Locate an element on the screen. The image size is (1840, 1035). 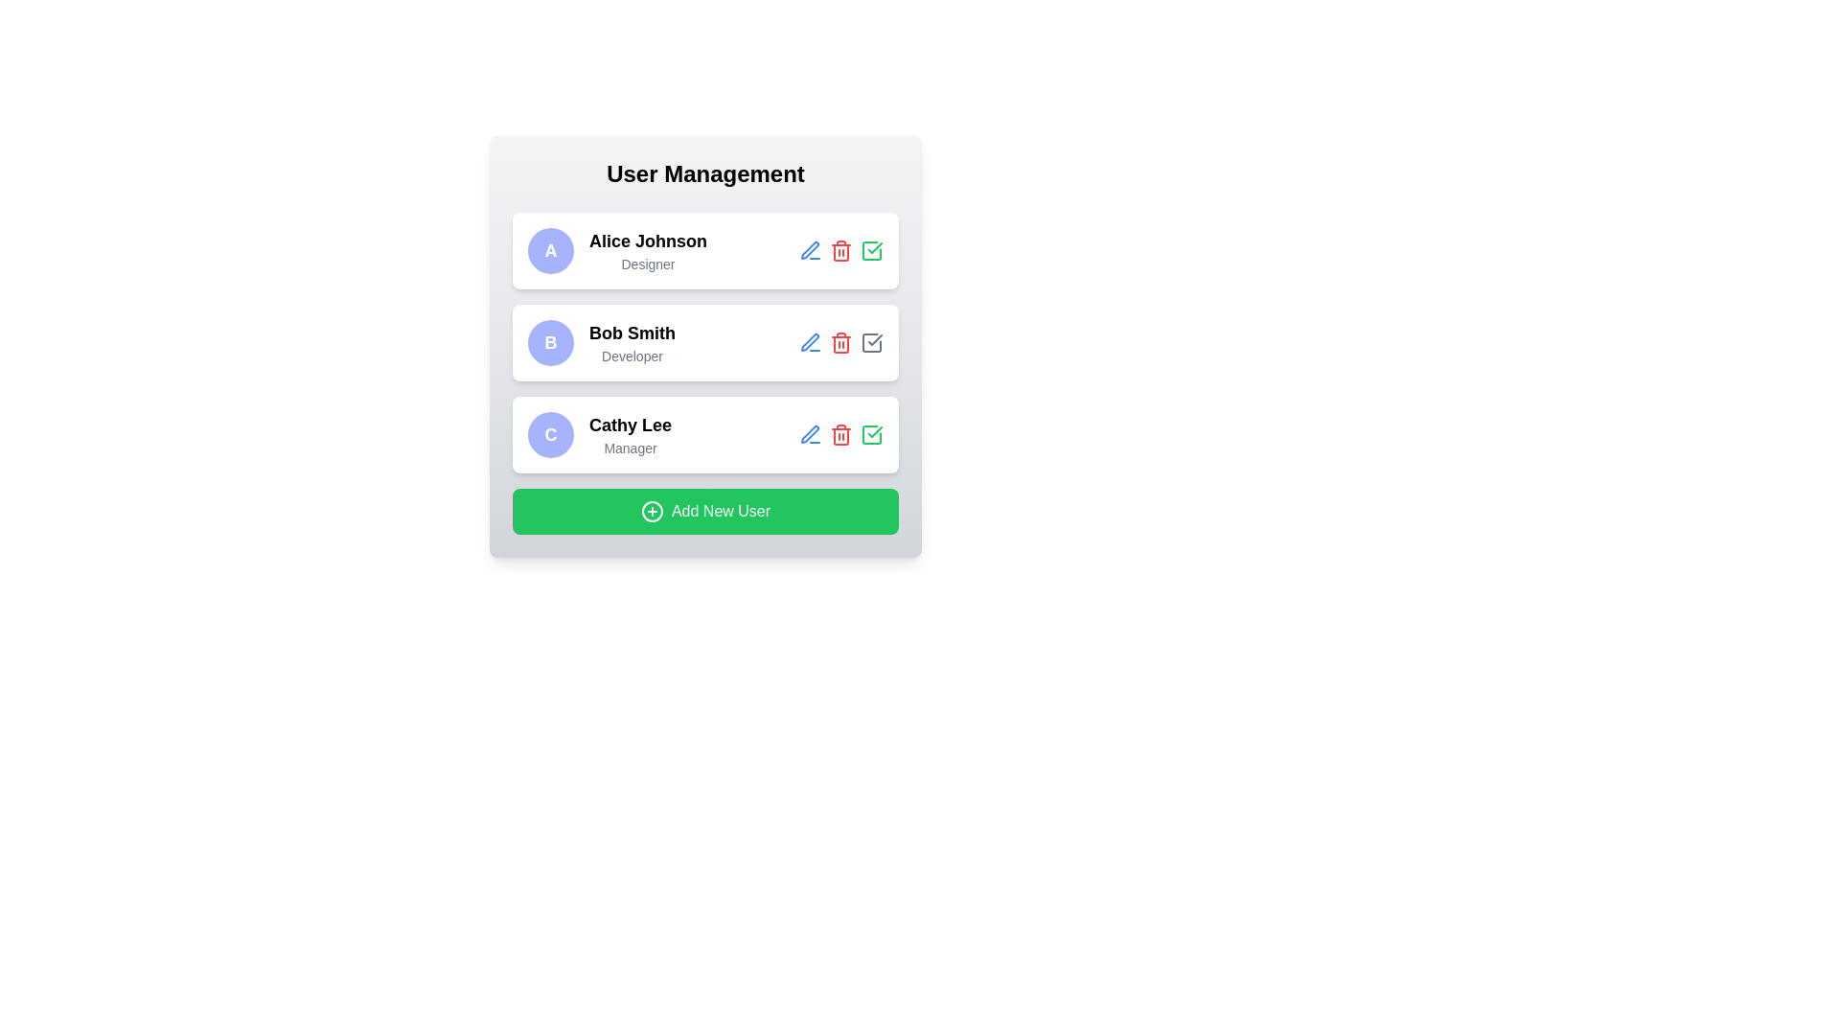
the text content of the label displaying 'Bob Smith' and 'Developer', which is the second item in the 'User Management' section, to the right of the circular profile icon labeled 'B' is located at coordinates (632, 342).